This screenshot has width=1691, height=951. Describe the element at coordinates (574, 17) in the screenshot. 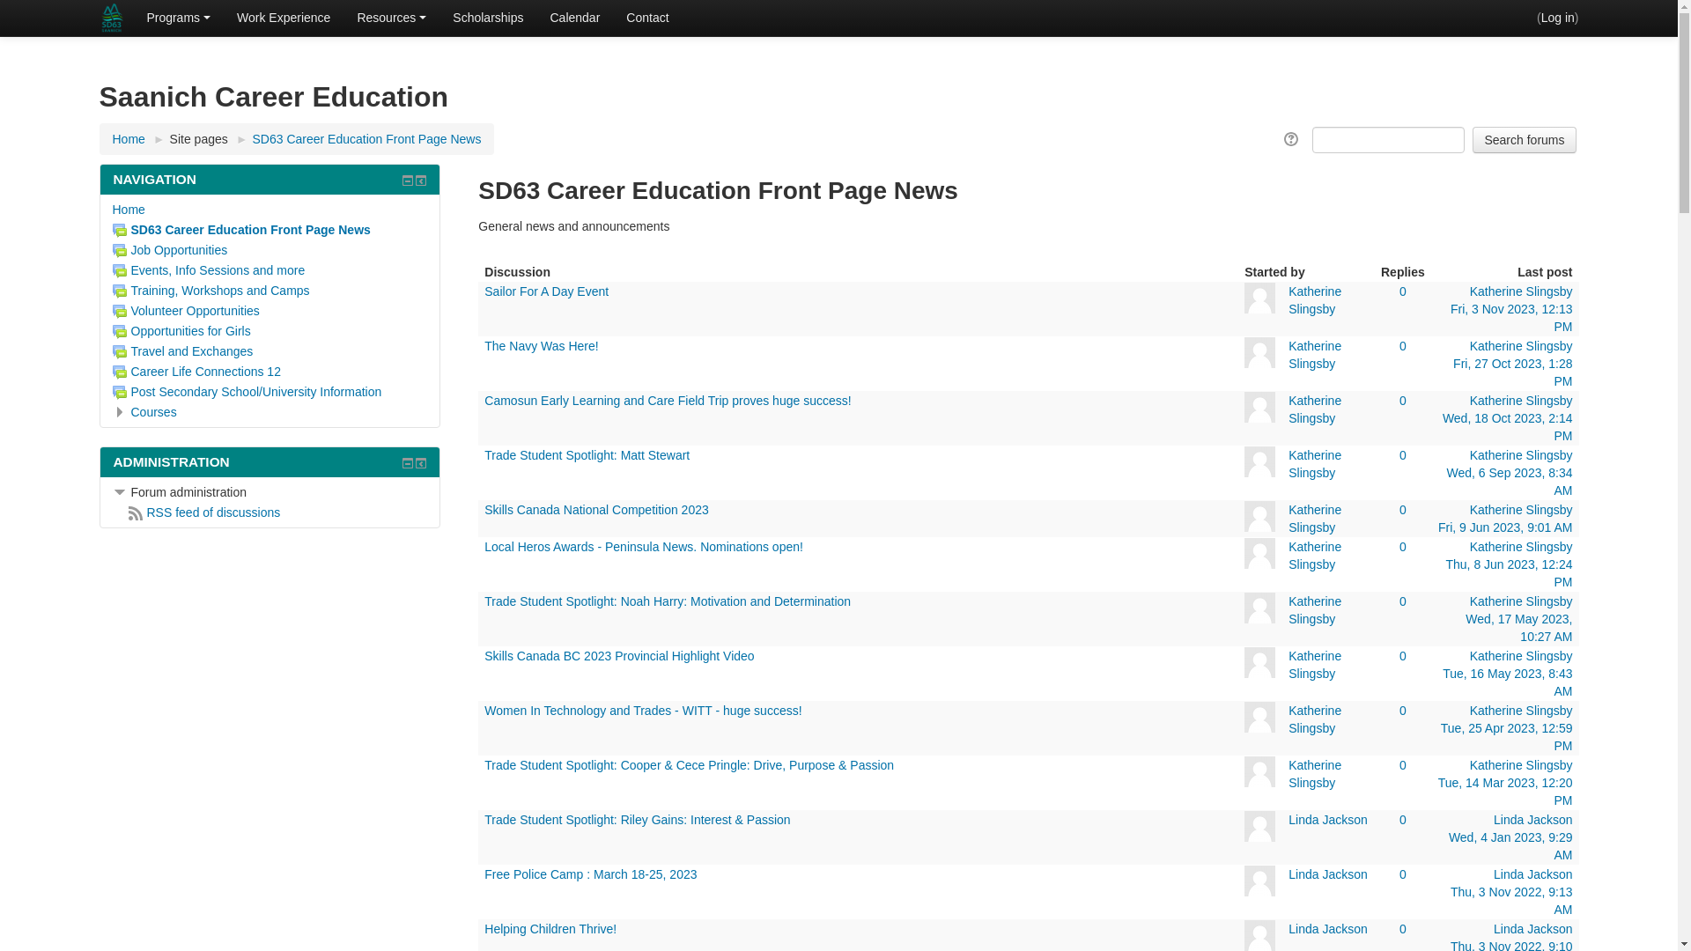

I see `'Calendar'` at that location.